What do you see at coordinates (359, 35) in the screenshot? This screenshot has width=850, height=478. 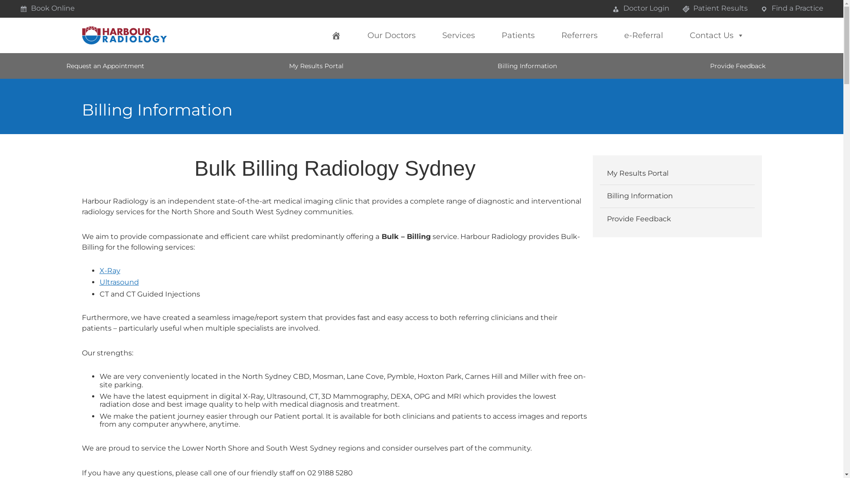 I see `'Our Doctors'` at bounding box center [359, 35].